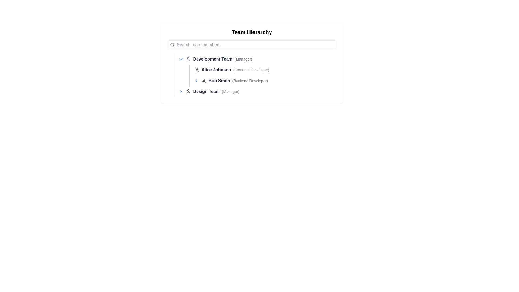  What do you see at coordinates (250, 81) in the screenshot?
I see `supplemental description text label associated with 'Bob Smith' in the Development Team hierarchy, positioned immediately to the right of the 'Bob Smith' name text` at bounding box center [250, 81].